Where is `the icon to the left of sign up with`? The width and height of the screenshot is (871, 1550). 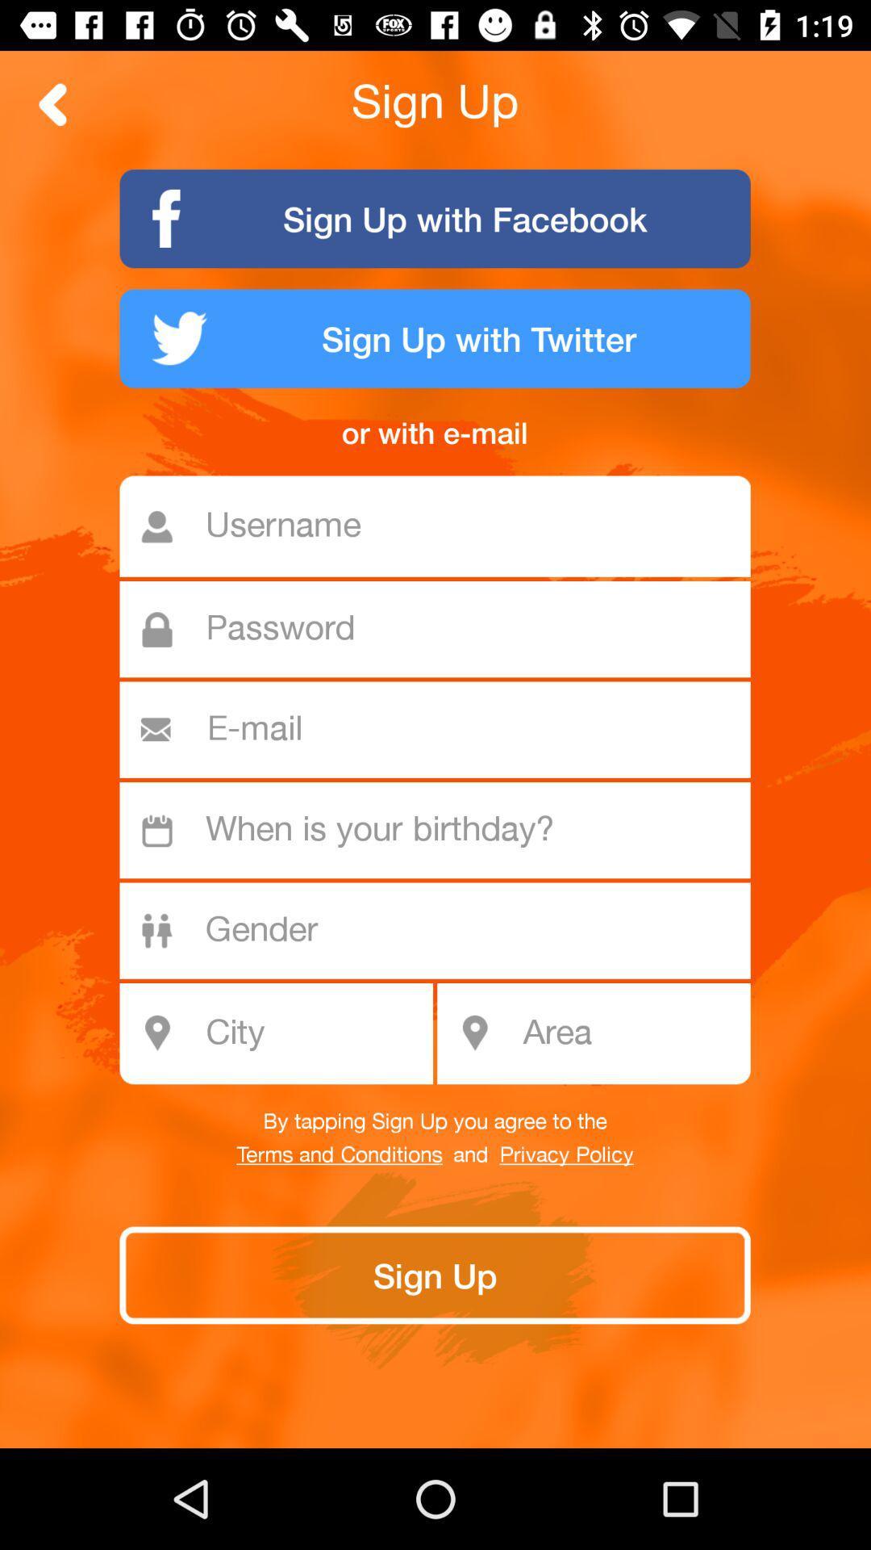 the icon to the left of sign up with is located at coordinates (52, 103).